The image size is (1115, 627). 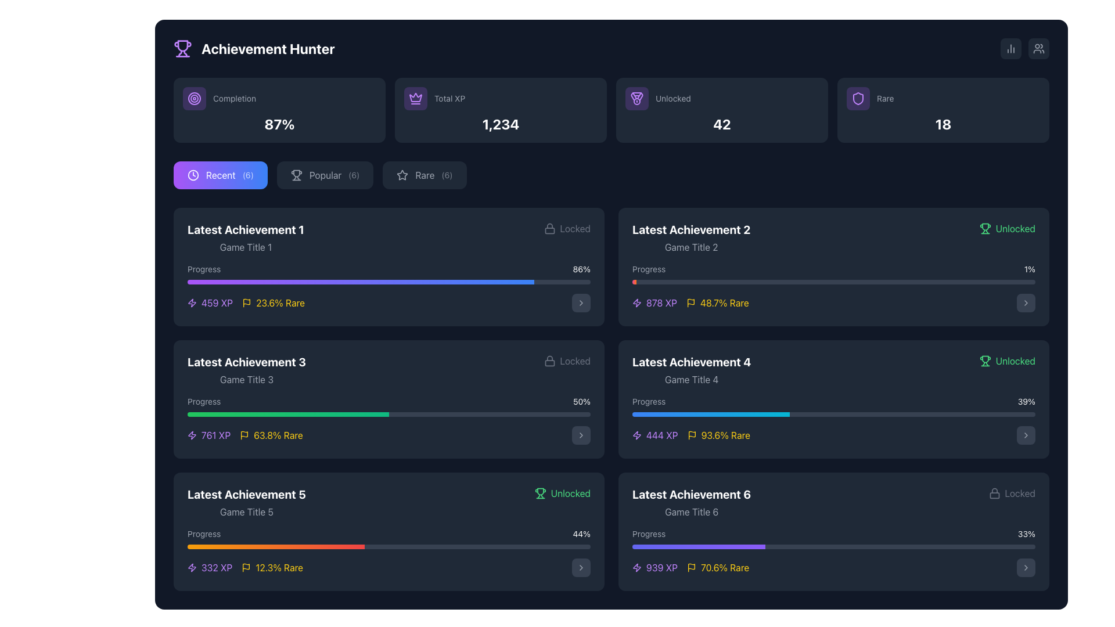 I want to click on the icon button located at the bottom-right corner of the panel labeled 'Latest Achievement 6', so click(x=1026, y=567).